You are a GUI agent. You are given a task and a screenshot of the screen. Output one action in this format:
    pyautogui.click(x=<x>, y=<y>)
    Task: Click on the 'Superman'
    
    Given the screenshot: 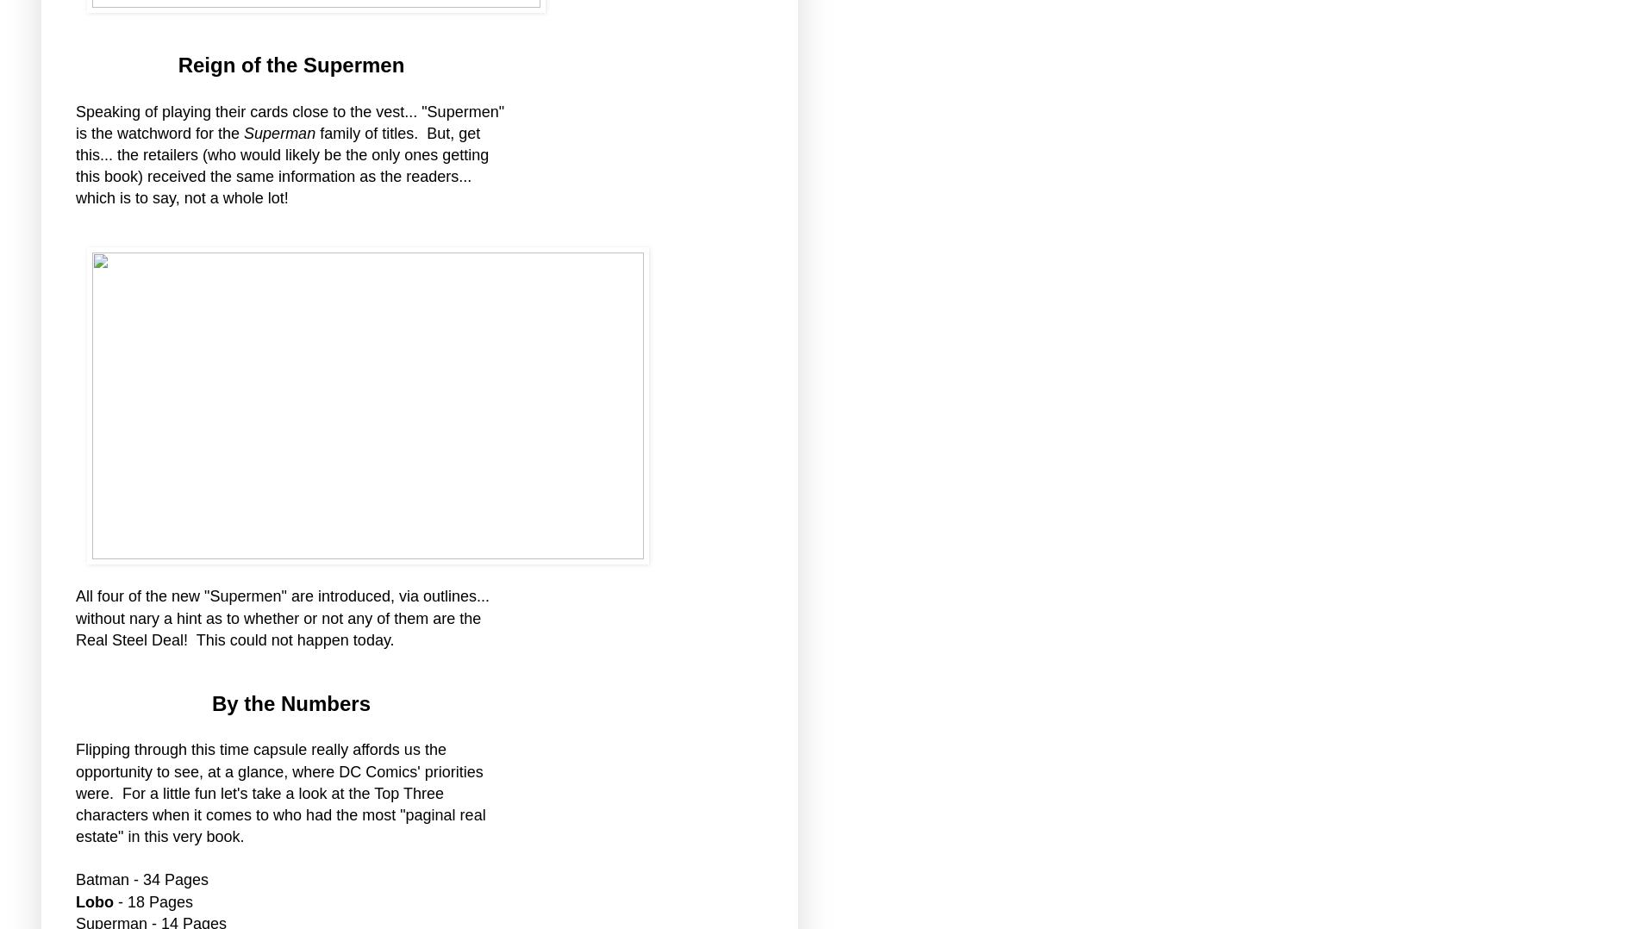 What is the action you would take?
    pyautogui.click(x=282, y=133)
    